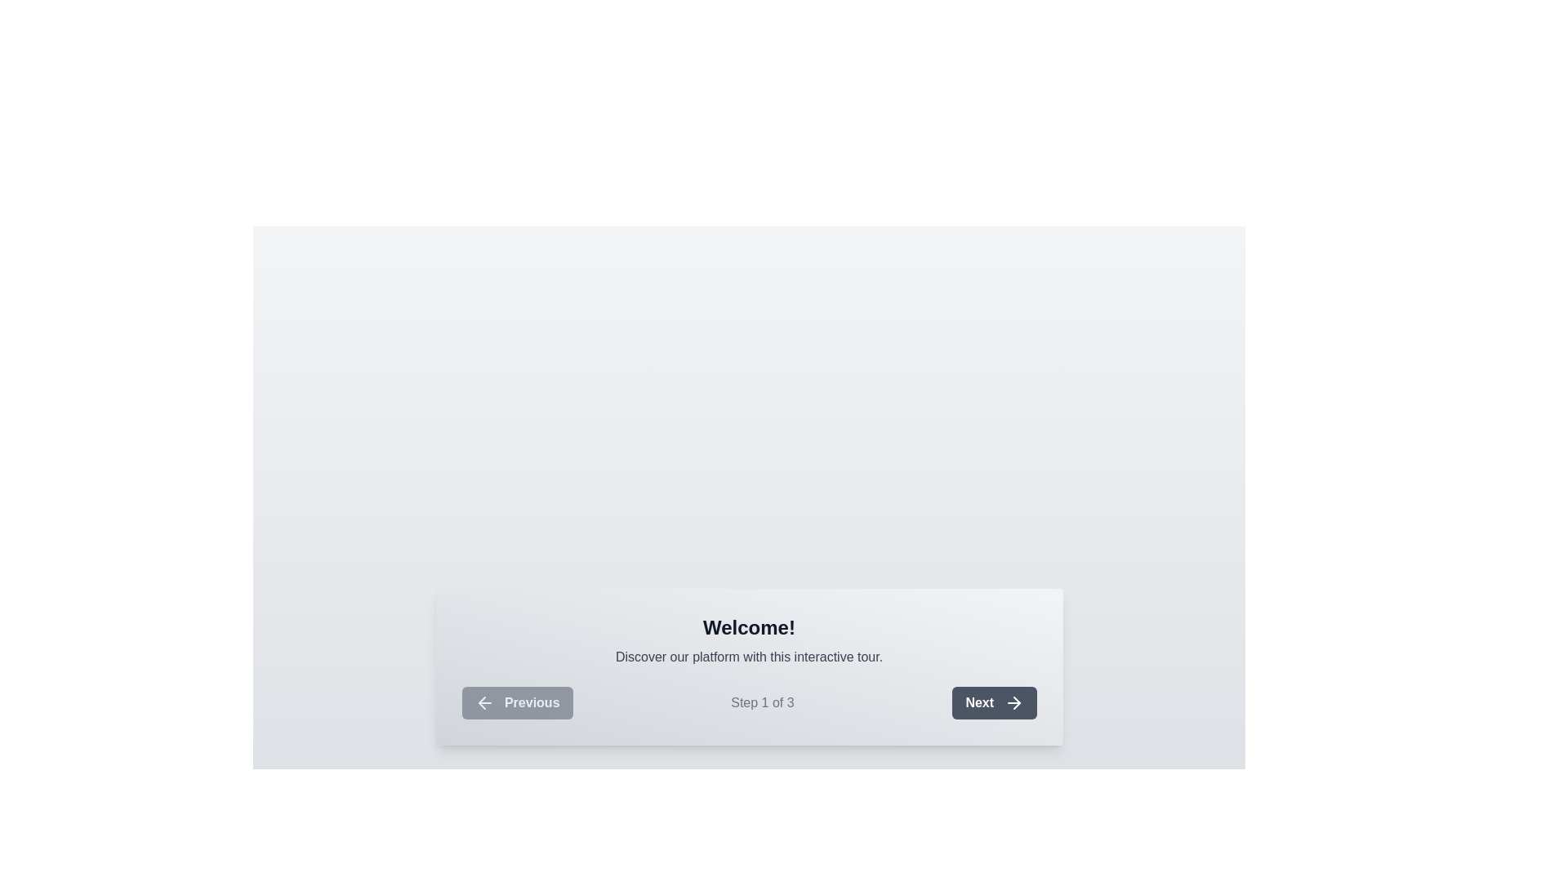  I want to click on the small left-pointing arrow inside the gray button labeled 'Previous' located at the bottom-left corner of the dialog box, so click(483, 702).